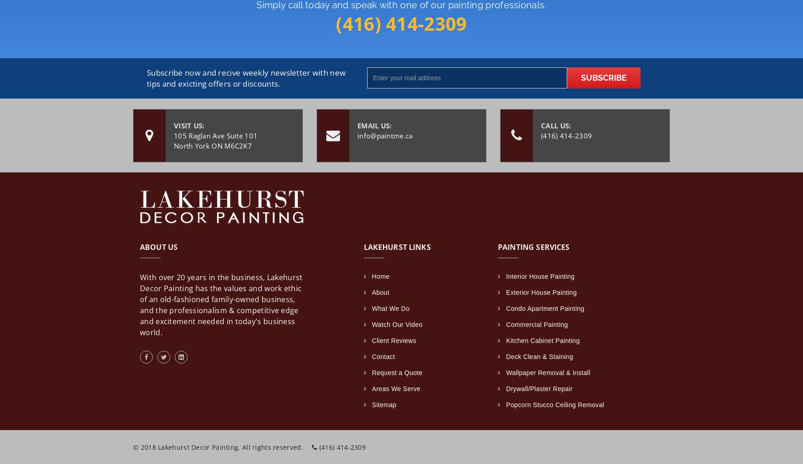 This screenshot has width=803, height=464. Describe the element at coordinates (219, 447) in the screenshot. I see `'© 2018 Lakehurst Decor Painting. All rights reserved.'` at that location.